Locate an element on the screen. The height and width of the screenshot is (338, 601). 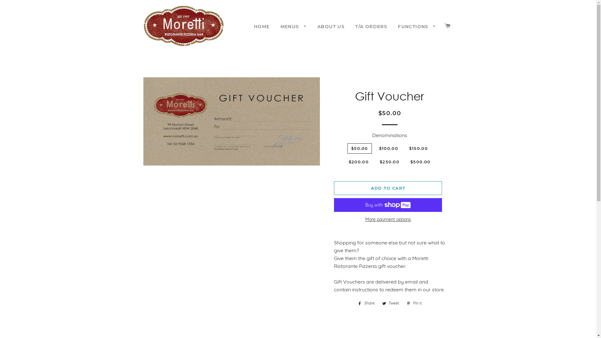
'ADD TO CART' is located at coordinates (388, 188).